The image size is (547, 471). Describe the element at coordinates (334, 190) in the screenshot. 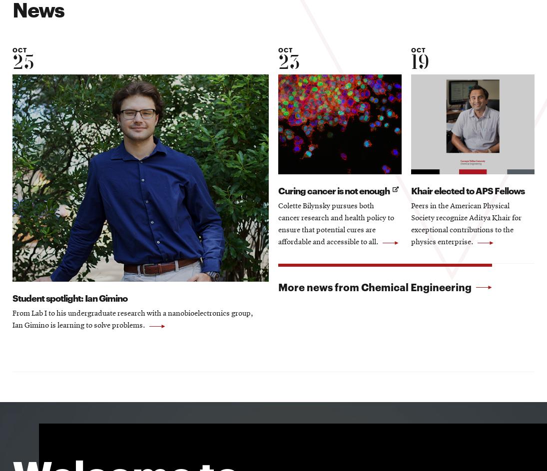

I see `'Curing cancer is not enough'` at that location.